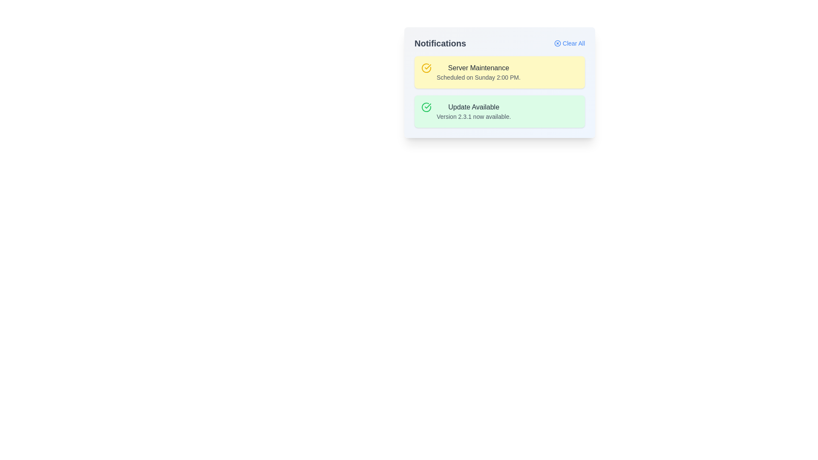  I want to click on the text block containing the heading 'Server Maintenance' with a pale yellow background located in the notification center, so click(478, 72).